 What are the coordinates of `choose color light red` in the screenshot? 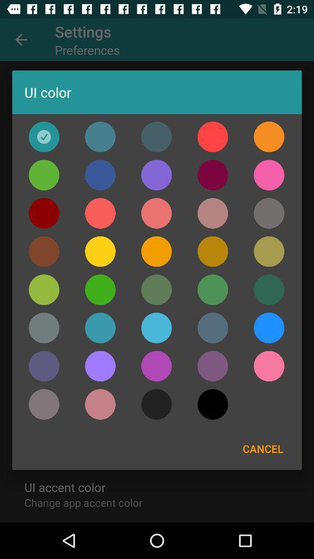 It's located at (100, 213).